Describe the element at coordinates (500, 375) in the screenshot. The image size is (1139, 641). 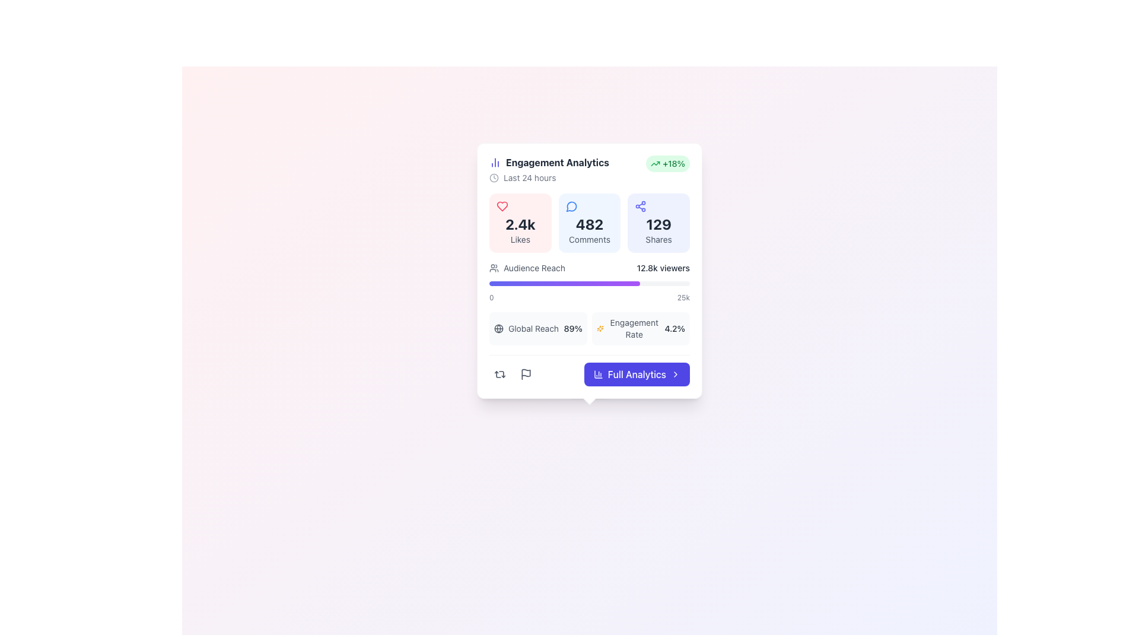
I see `the circular refresh icon featuring two arrows forming a loop, located at the bottom left of the card interface` at that location.